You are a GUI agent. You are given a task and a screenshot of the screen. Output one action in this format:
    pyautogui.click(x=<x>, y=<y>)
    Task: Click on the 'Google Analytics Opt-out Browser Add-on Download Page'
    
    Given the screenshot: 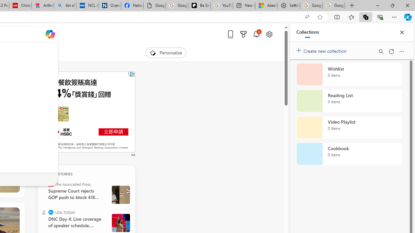 What is the action you would take?
    pyautogui.click(x=154, y=6)
    